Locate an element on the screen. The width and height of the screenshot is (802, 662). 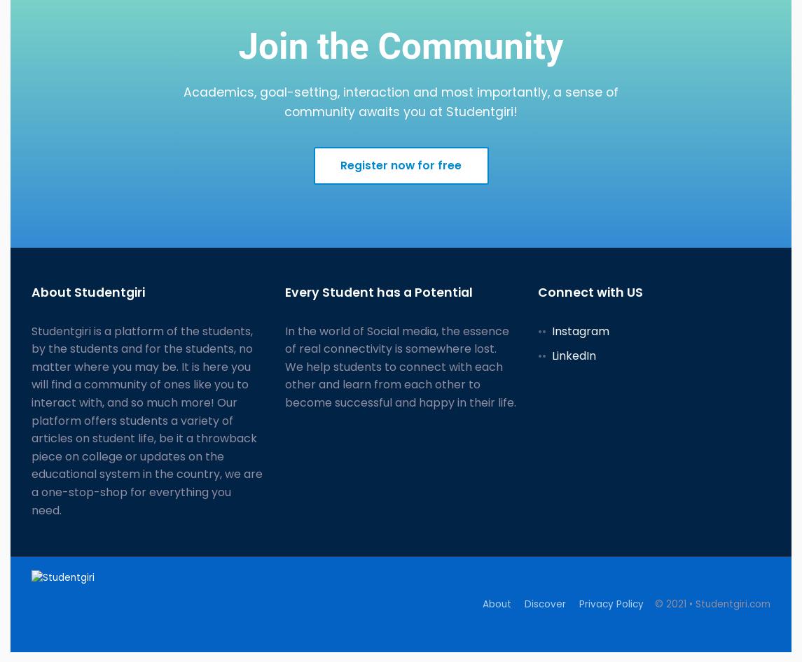
'Instagram' is located at coordinates (580, 330).